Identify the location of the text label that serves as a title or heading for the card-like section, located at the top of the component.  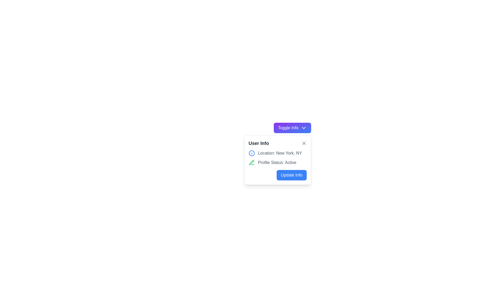
(259, 143).